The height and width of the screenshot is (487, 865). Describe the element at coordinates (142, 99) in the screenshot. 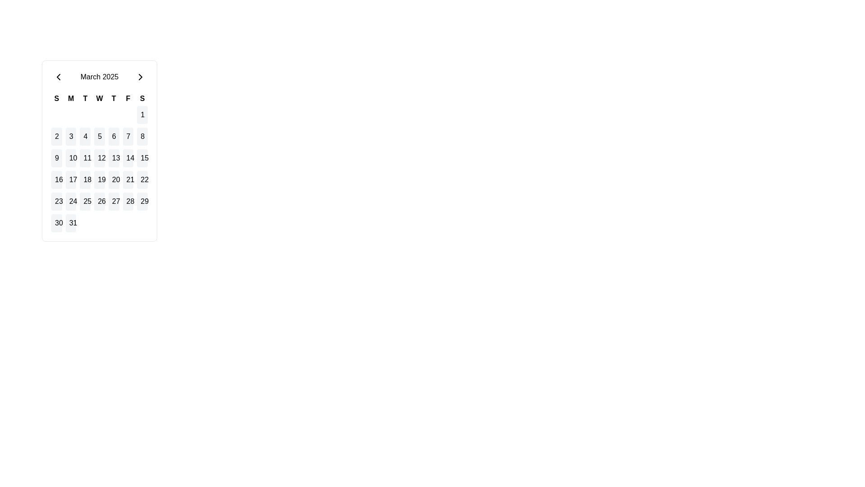

I see `the text element representing 'Saturday' in the week header of the calendar, located at the top-right corner of the calendar grid` at that location.